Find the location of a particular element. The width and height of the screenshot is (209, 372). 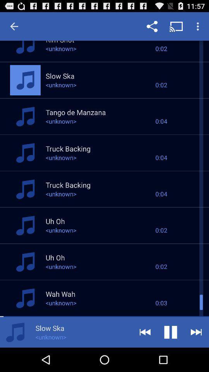

the pause icon is located at coordinates (171, 355).